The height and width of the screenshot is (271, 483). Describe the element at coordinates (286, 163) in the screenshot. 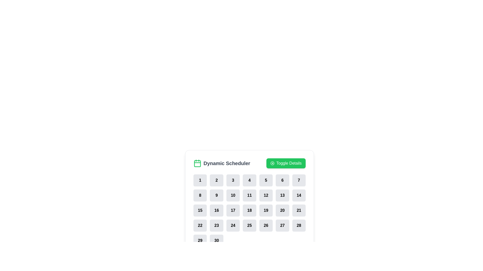

I see `the green rectangular button labeled 'Toggle Details'` at that location.